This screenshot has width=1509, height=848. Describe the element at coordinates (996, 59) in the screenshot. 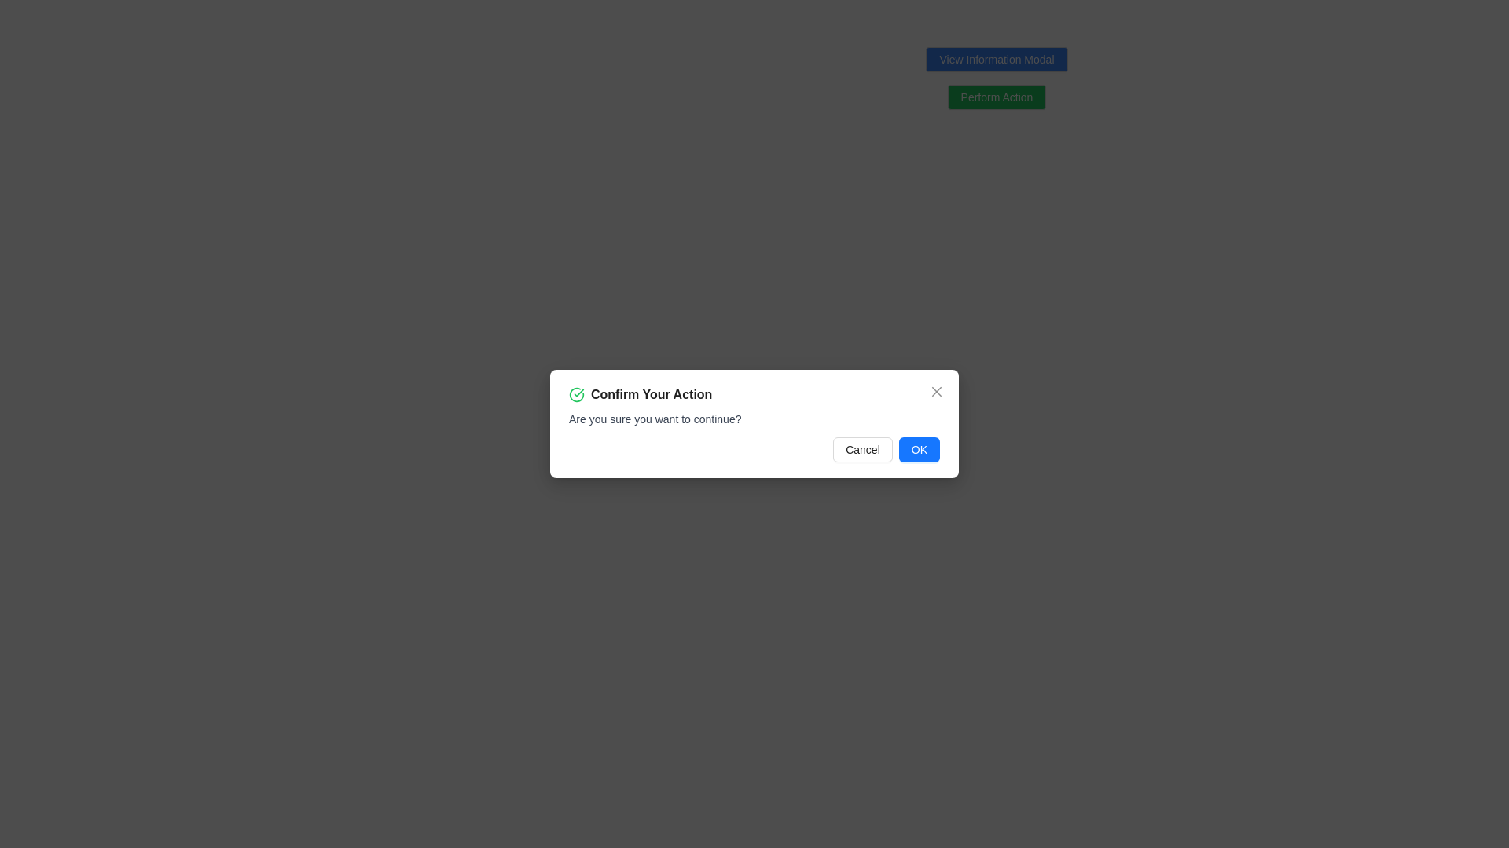

I see `the 'View Information Modal' button` at that location.